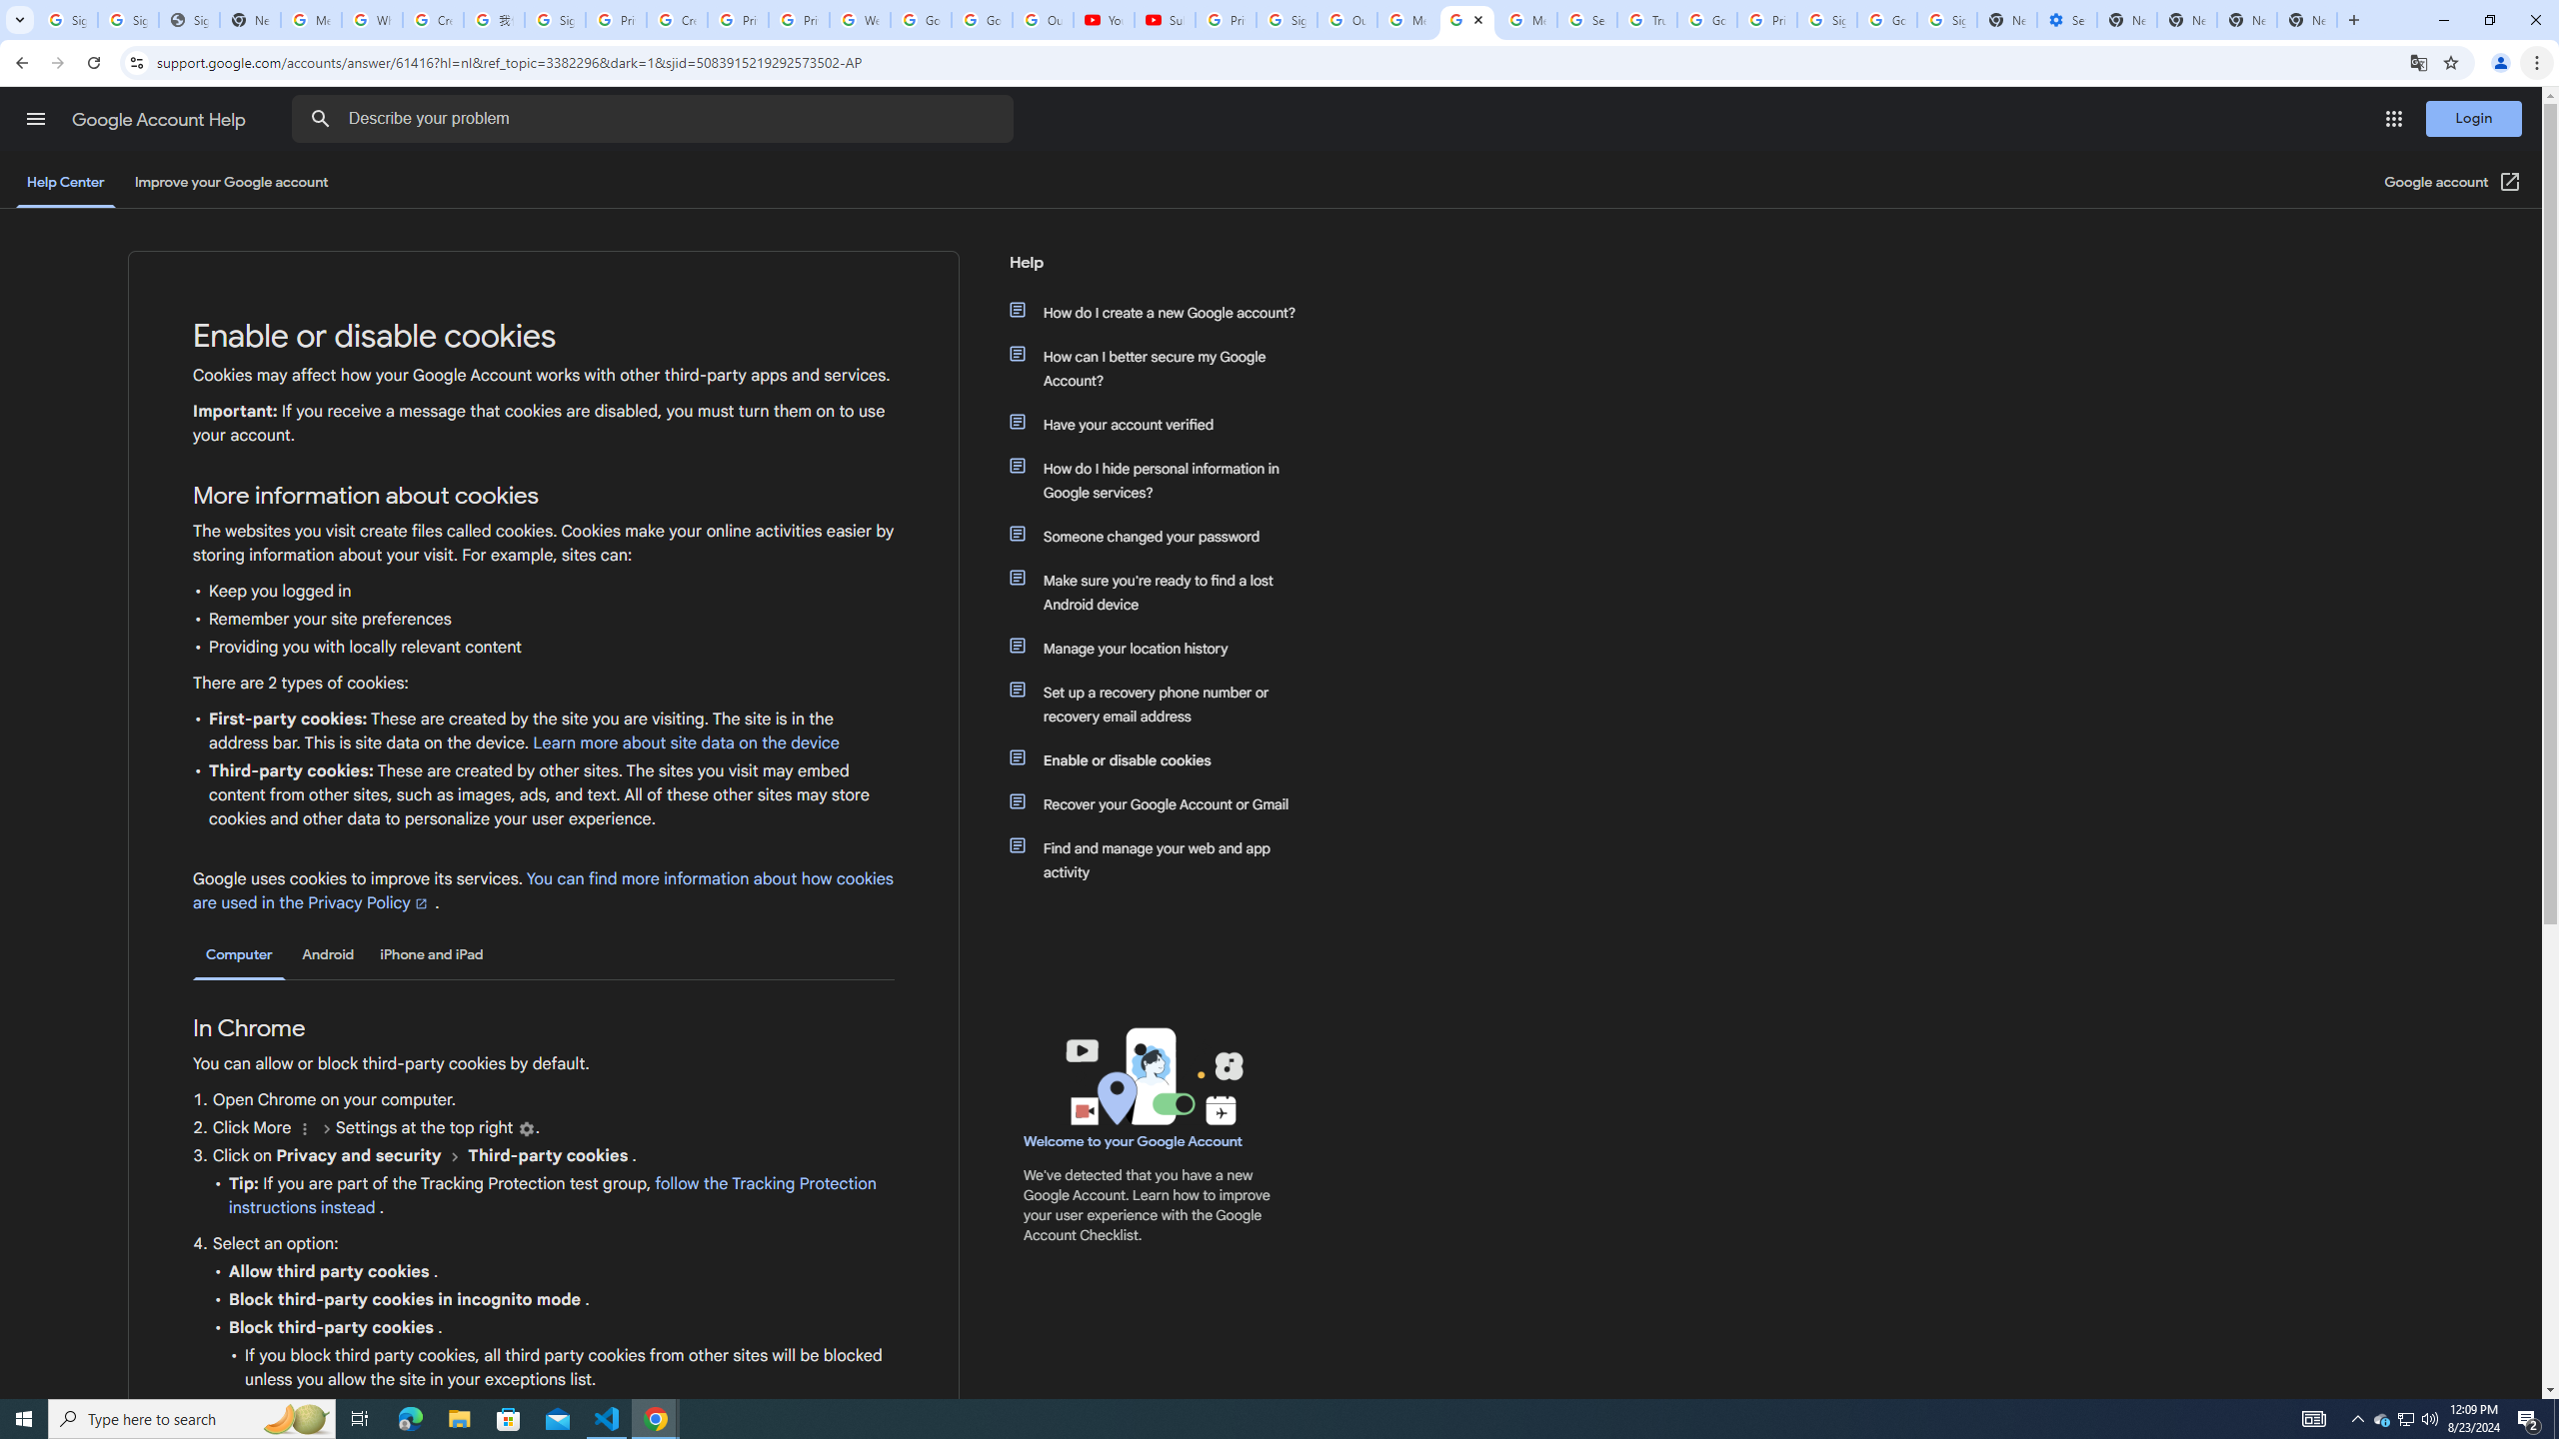  I want to click on 'Have your account verified', so click(1162, 424).